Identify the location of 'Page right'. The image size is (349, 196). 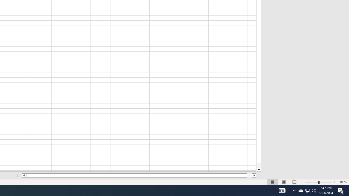
(249, 175).